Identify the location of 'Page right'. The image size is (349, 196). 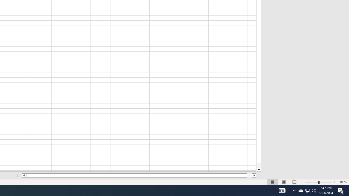
(249, 175).